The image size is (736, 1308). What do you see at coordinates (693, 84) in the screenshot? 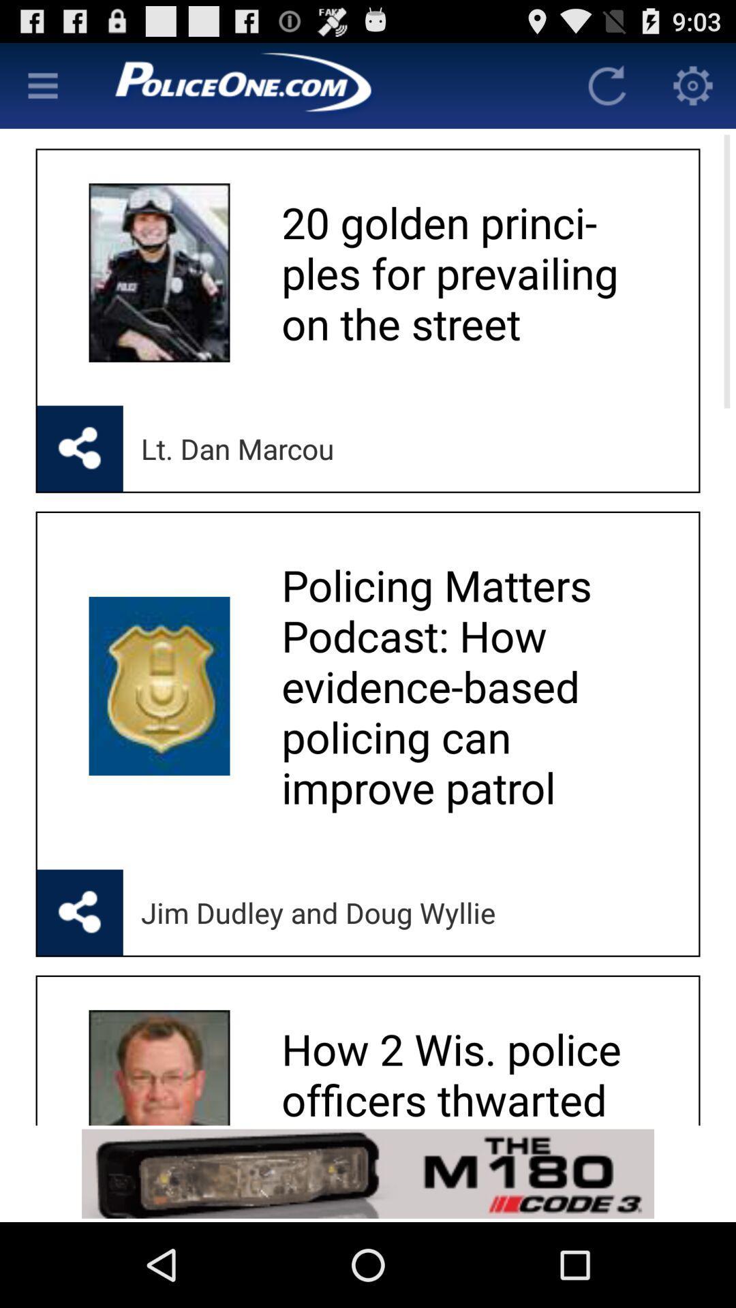
I see `app settings` at bounding box center [693, 84].